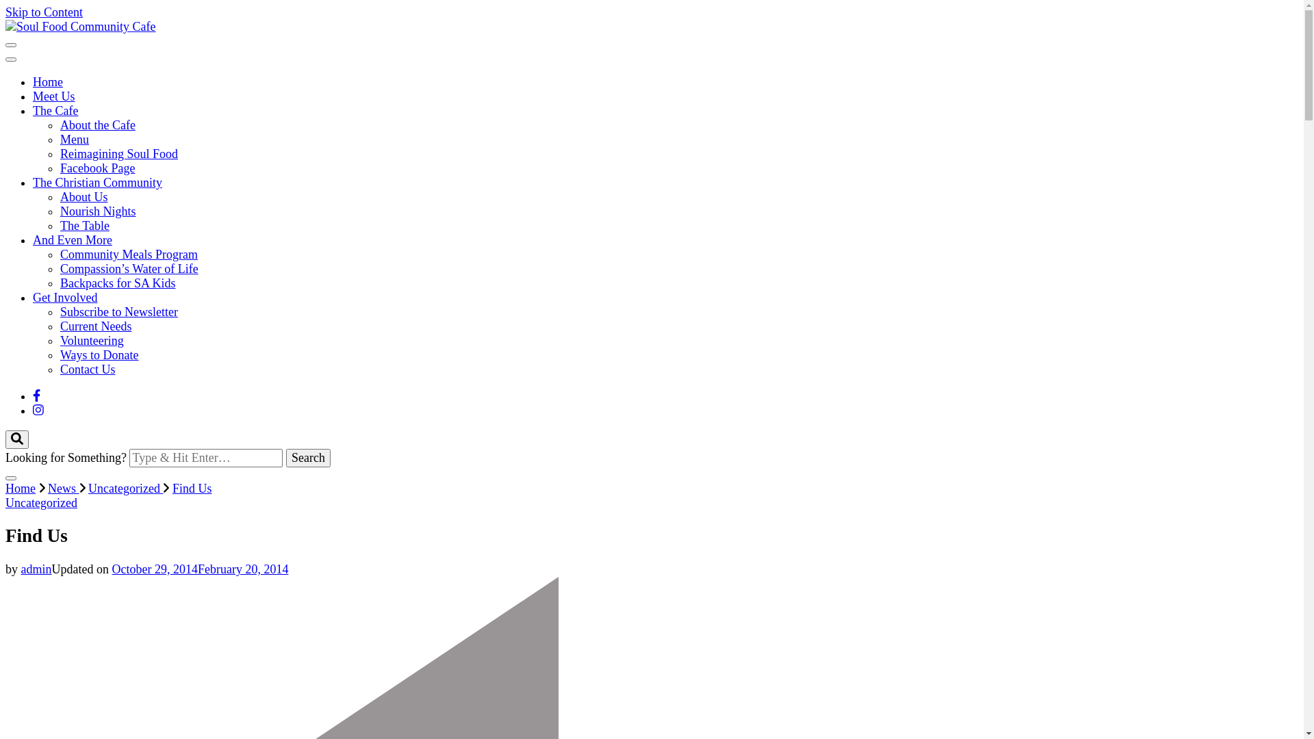 Image resolution: width=1314 pixels, height=739 pixels. What do you see at coordinates (129, 254) in the screenshot?
I see `'Community Meals Program'` at bounding box center [129, 254].